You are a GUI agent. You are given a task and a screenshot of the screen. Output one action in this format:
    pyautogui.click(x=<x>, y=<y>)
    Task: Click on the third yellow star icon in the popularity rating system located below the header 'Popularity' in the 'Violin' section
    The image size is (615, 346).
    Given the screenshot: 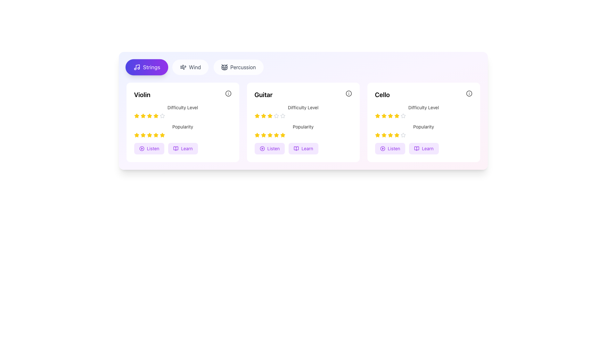 What is the action you would take?
    pyautogui.click(x=143, y=135)
    